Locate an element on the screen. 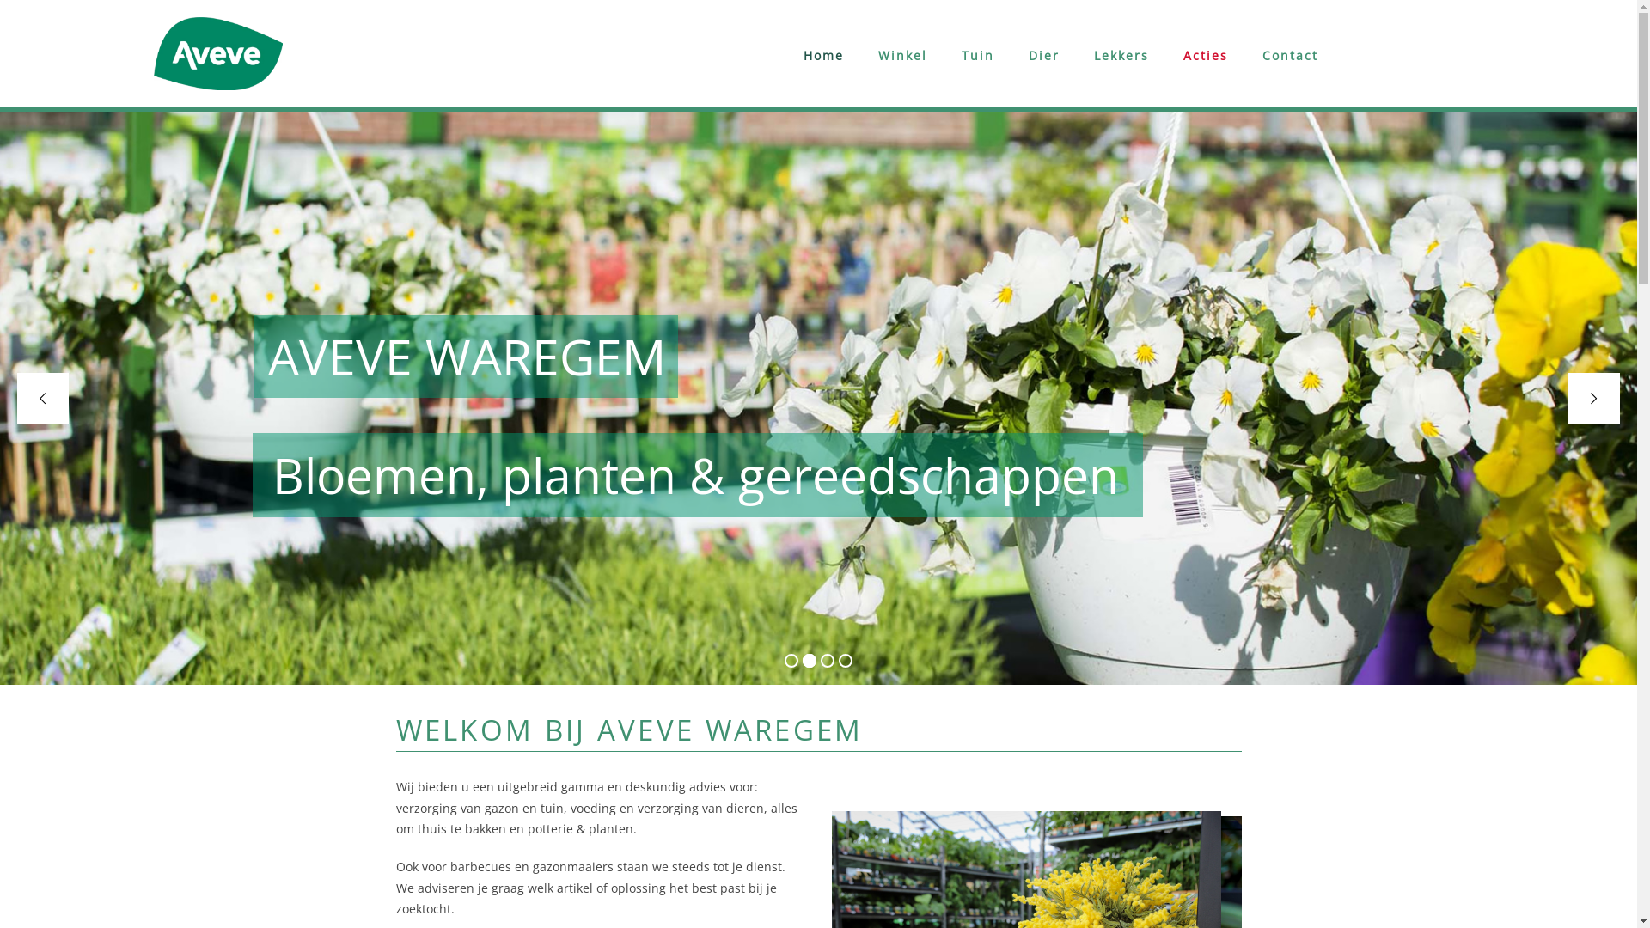 The image size is (1650, 928). 'Acties' is located at coordinates (1204, 55).